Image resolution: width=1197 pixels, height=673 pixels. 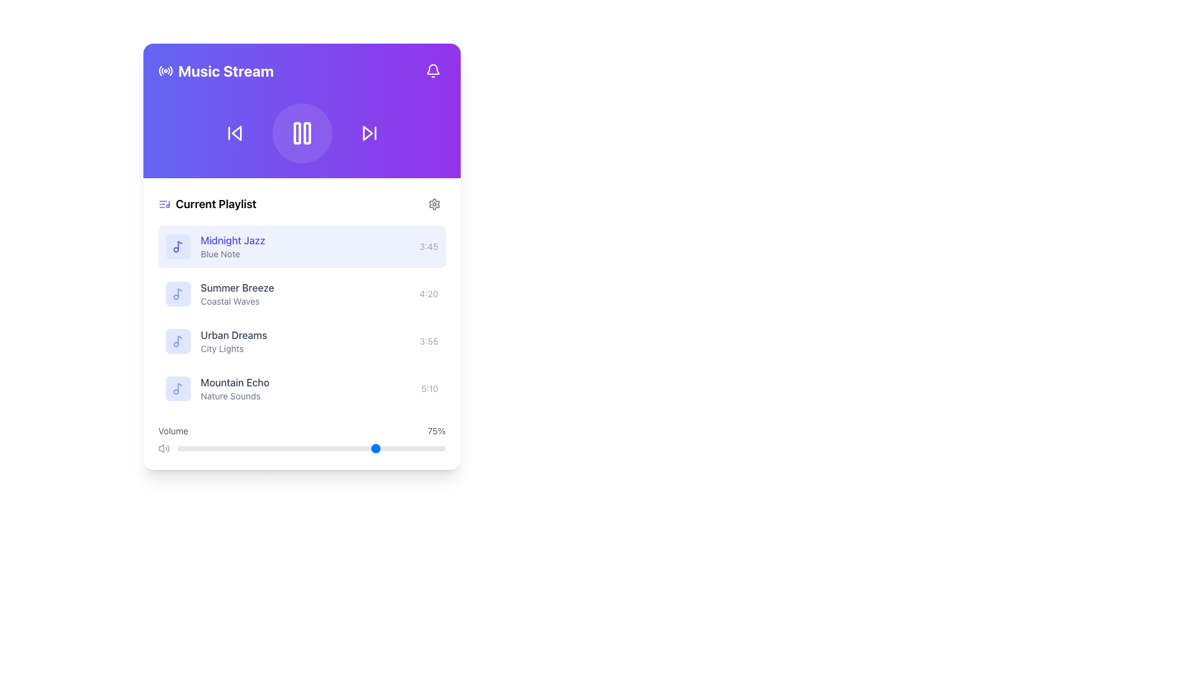 I want to click on the right vertical bar of the pause button icon, which is centrally located in the title bar of the media control interface, so click(x=307, y=133).